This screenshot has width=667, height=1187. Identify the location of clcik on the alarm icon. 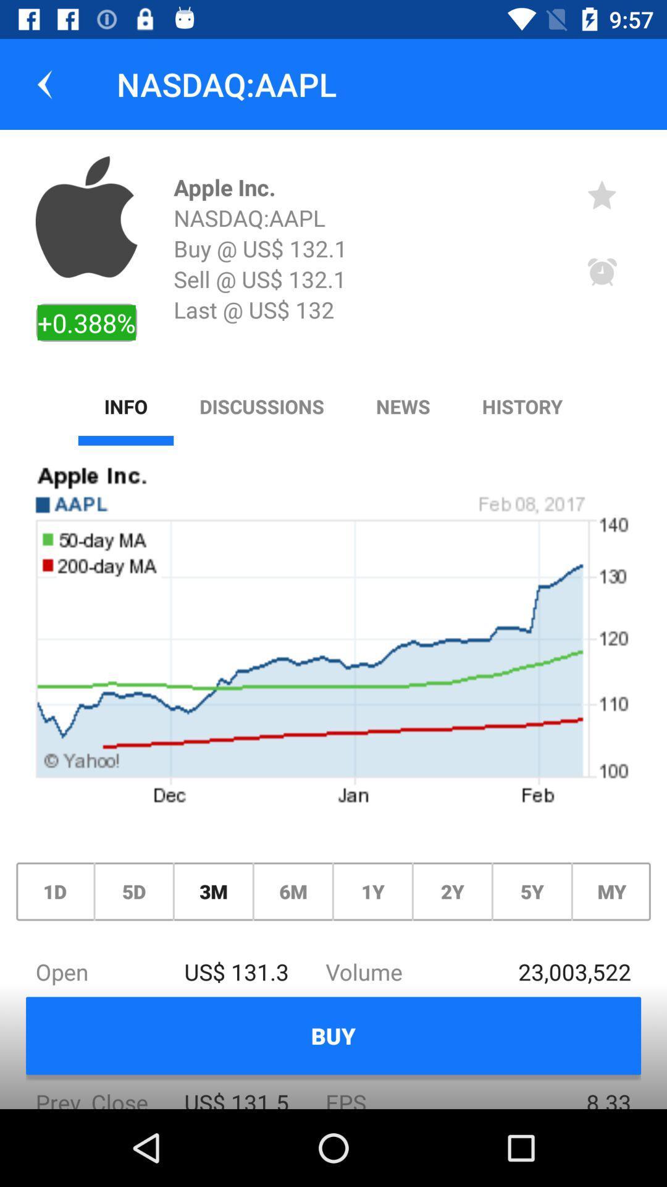
(602, 272).